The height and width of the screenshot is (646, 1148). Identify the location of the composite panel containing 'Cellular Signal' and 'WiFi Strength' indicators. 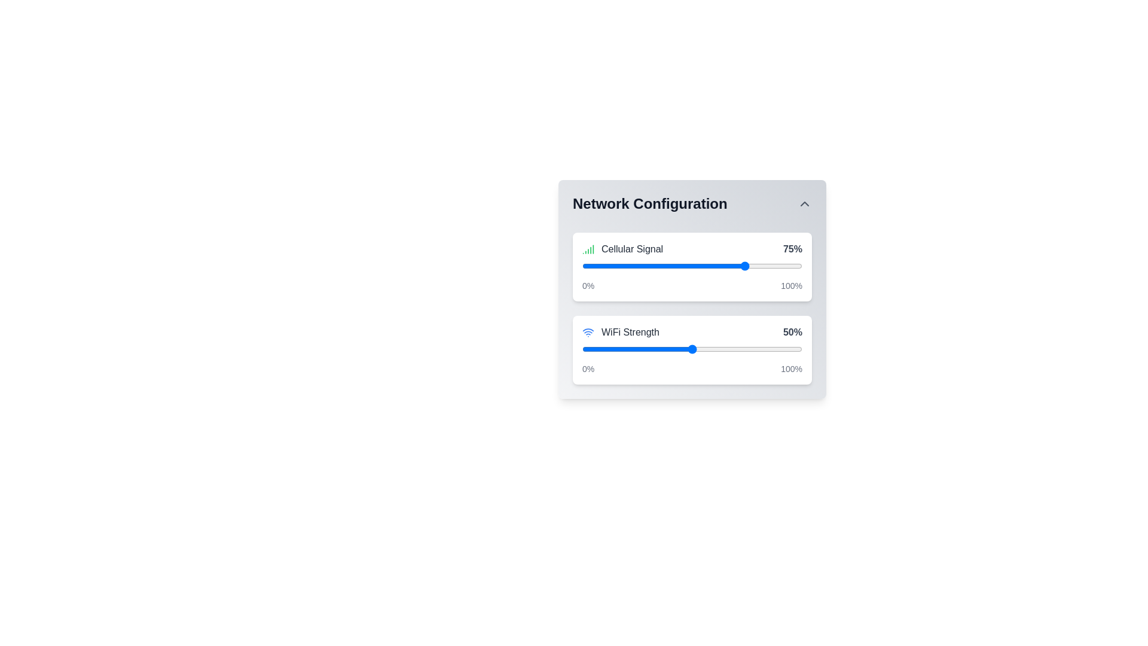
(692, 303).